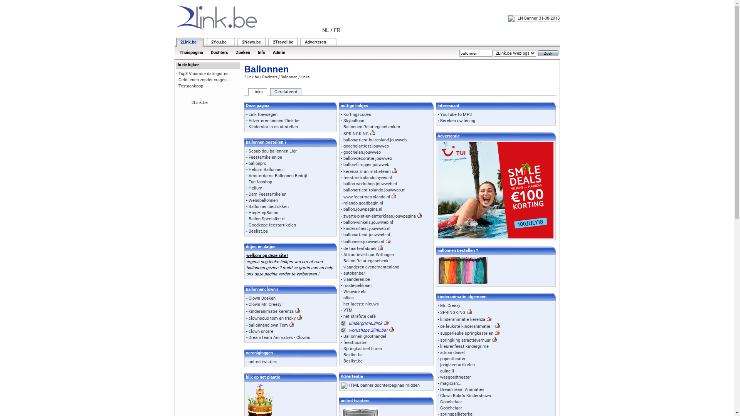  I want to click on 'supperleuke springkastelen', so click(440, 333).